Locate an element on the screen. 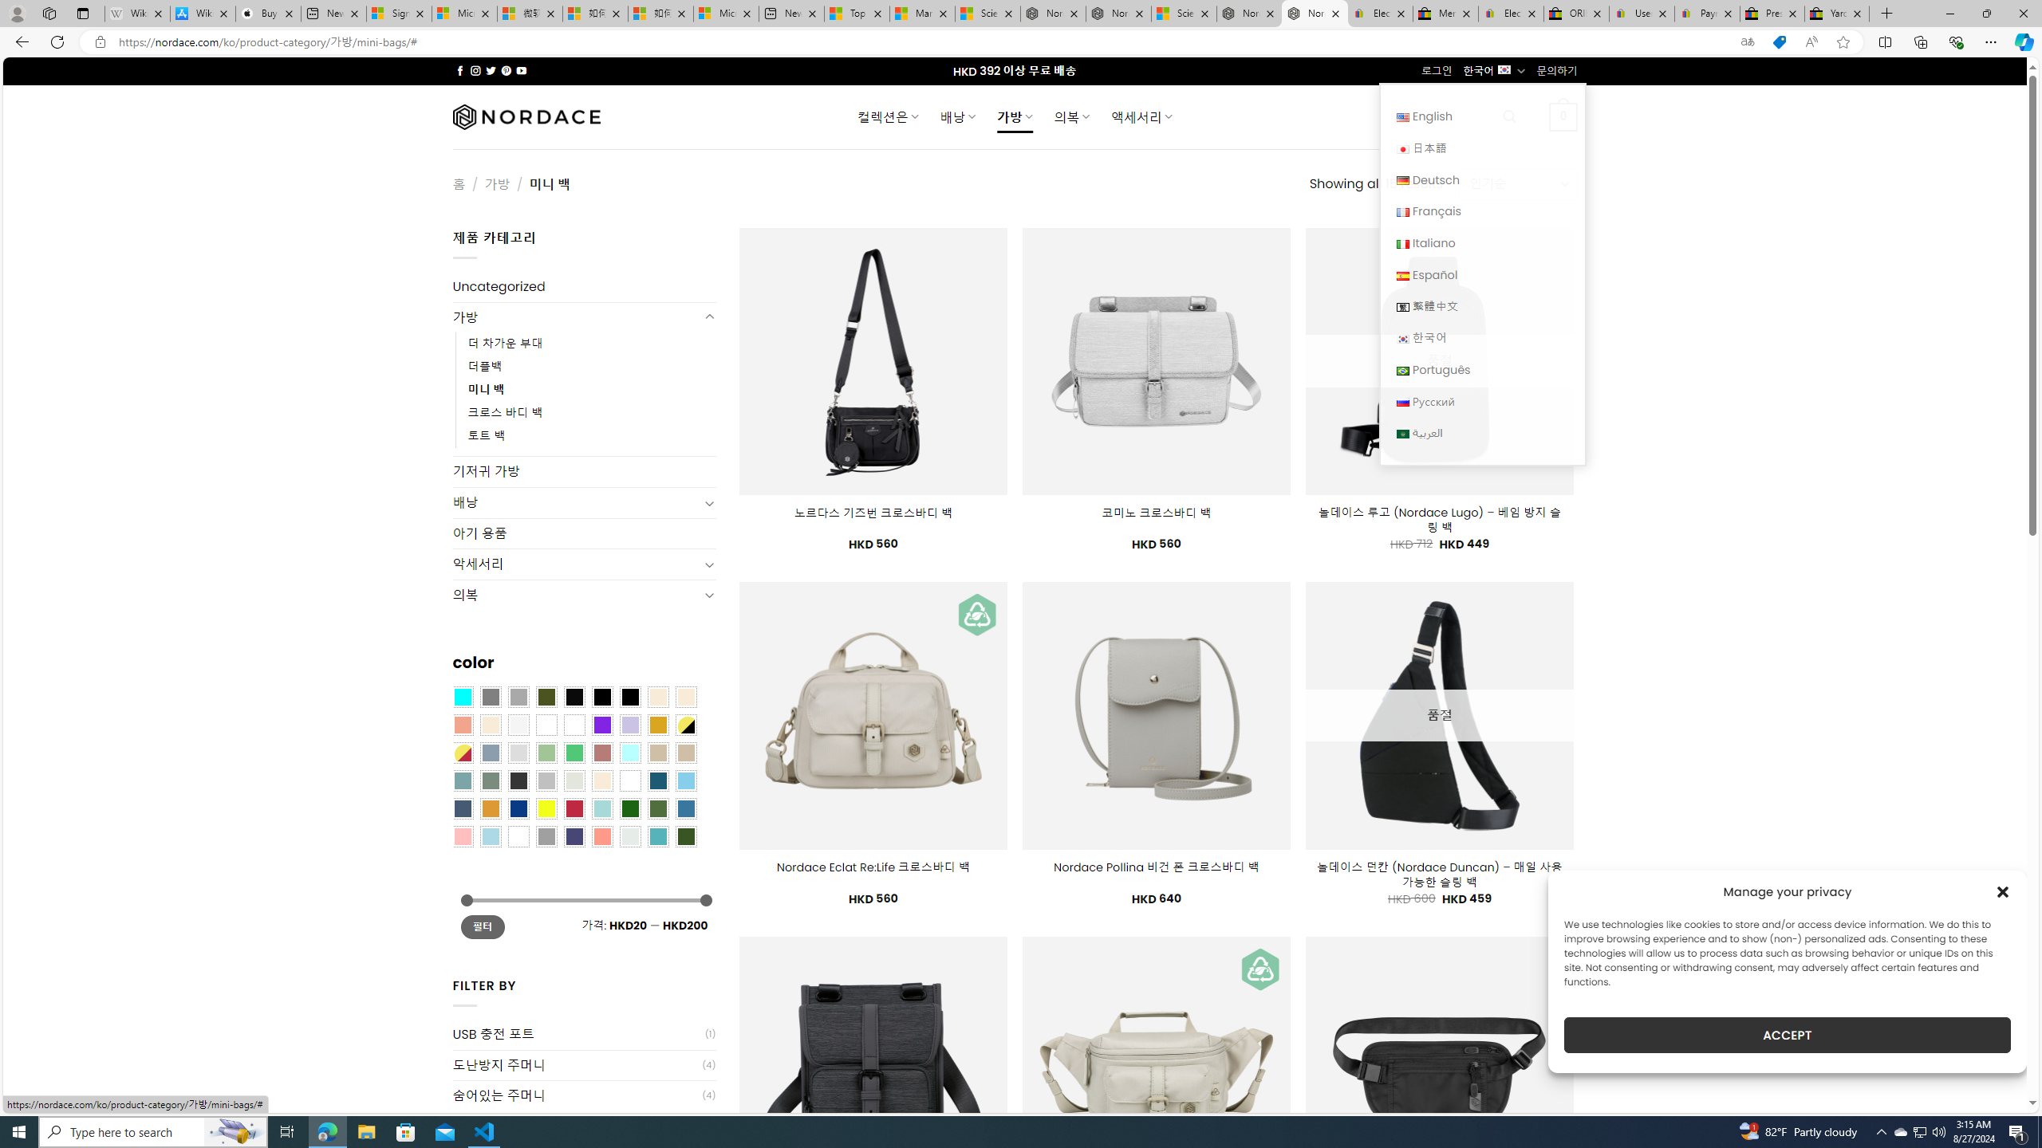 Image resolution: width=2042 pixels, height=1148 pixels. 'ACCEPT' is located at coordinates (1788, 1035).